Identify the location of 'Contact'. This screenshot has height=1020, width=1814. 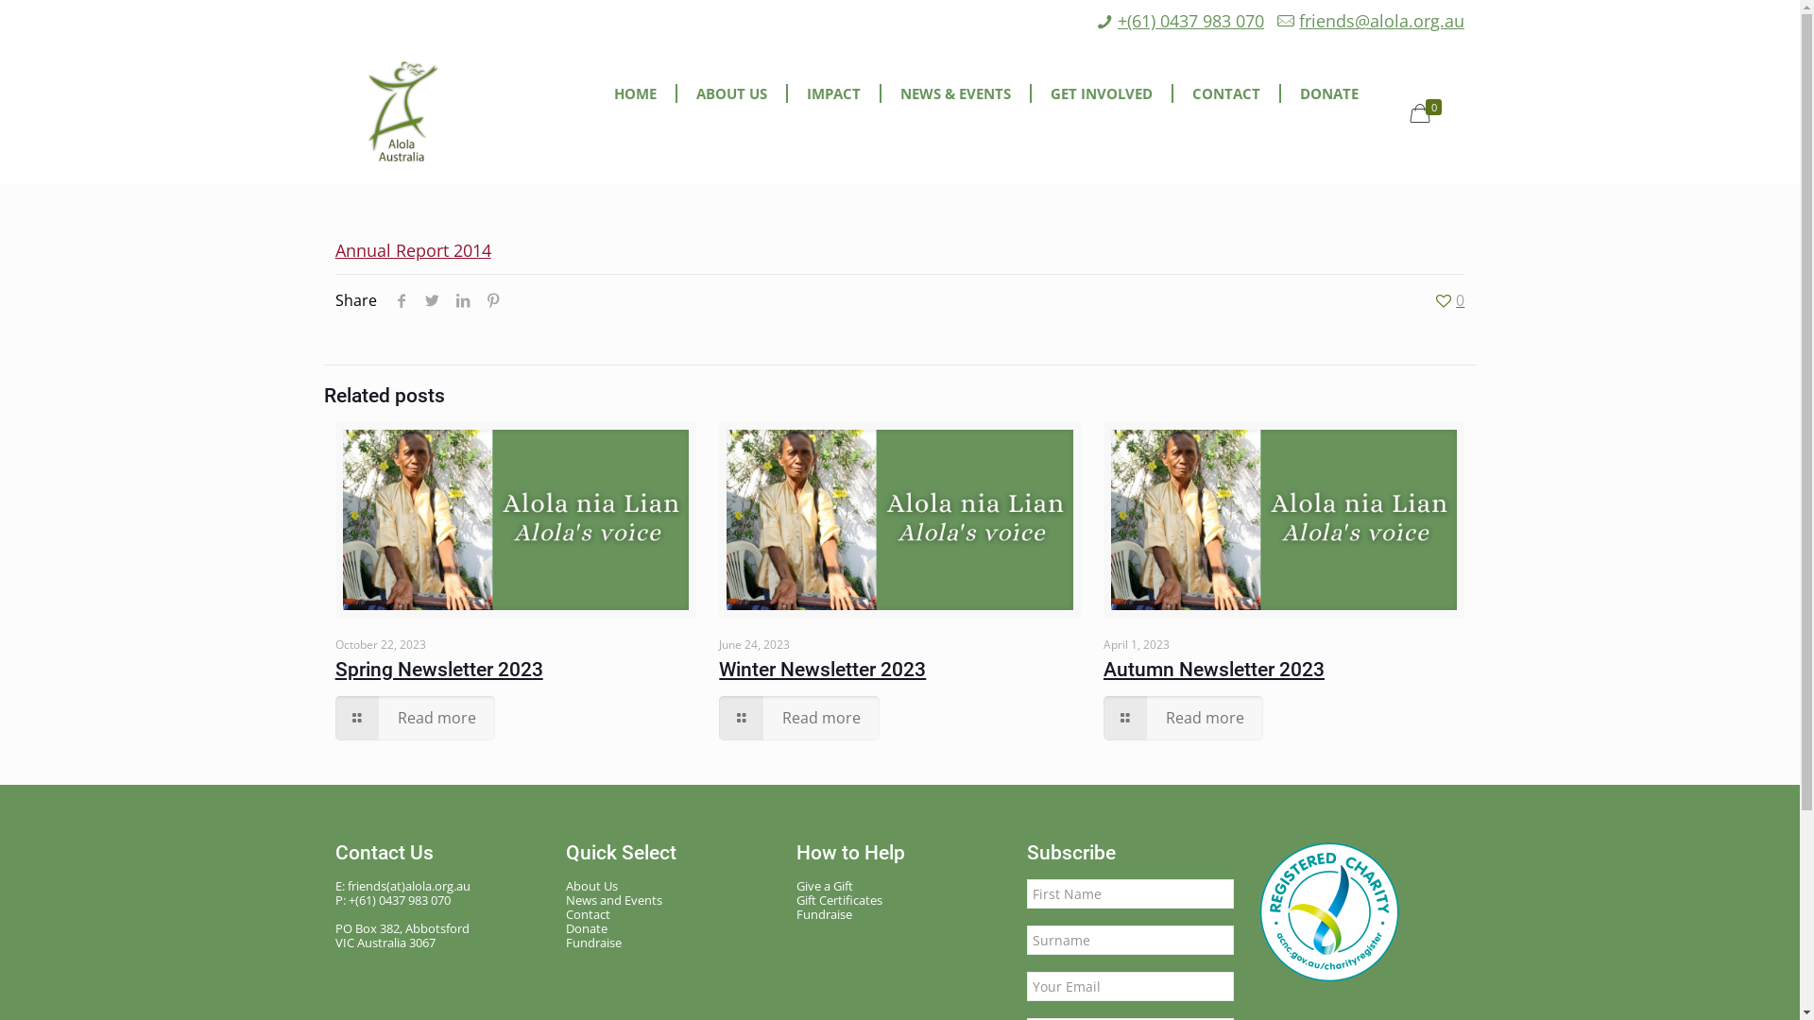
(670, 913).